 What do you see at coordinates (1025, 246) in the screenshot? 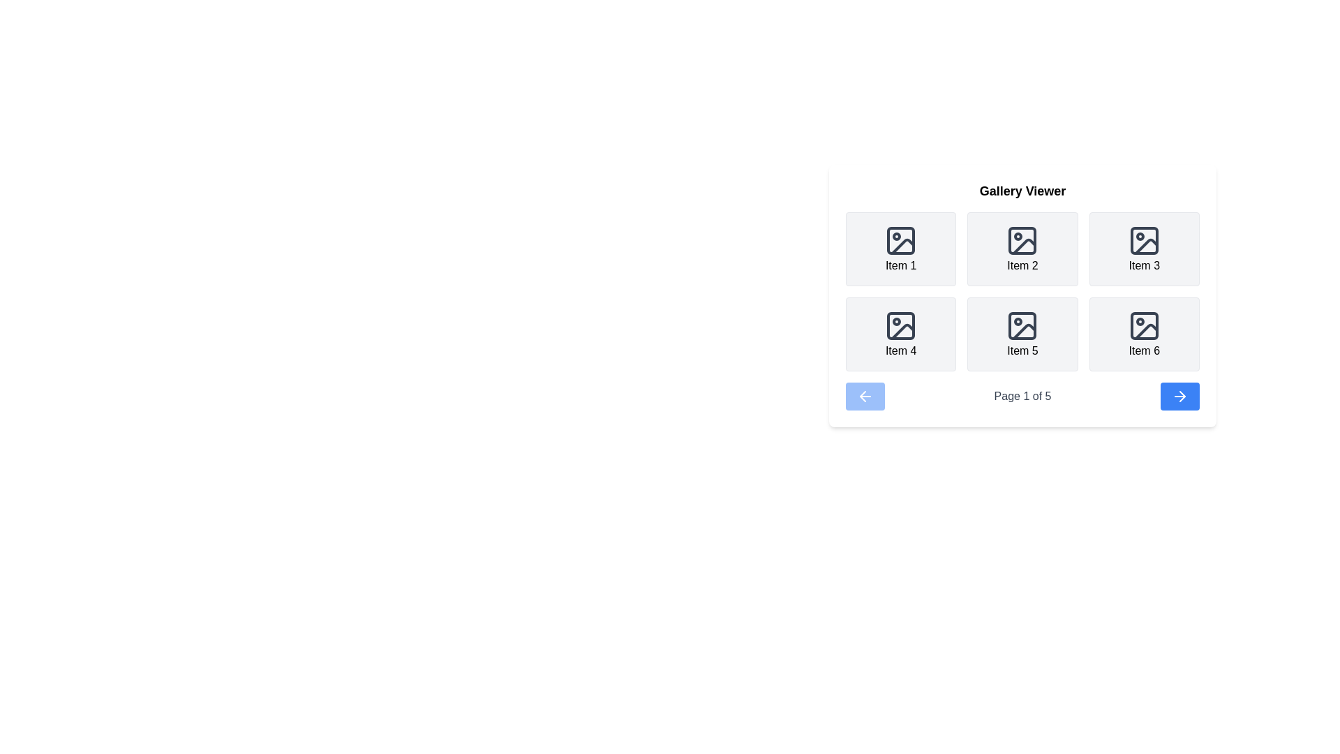
I see `the decorative graphical element within the SVG icon that represents a photograph, located in the second item of a grid in the Gallery Viewer interface` at bounding box center [1025, 246].